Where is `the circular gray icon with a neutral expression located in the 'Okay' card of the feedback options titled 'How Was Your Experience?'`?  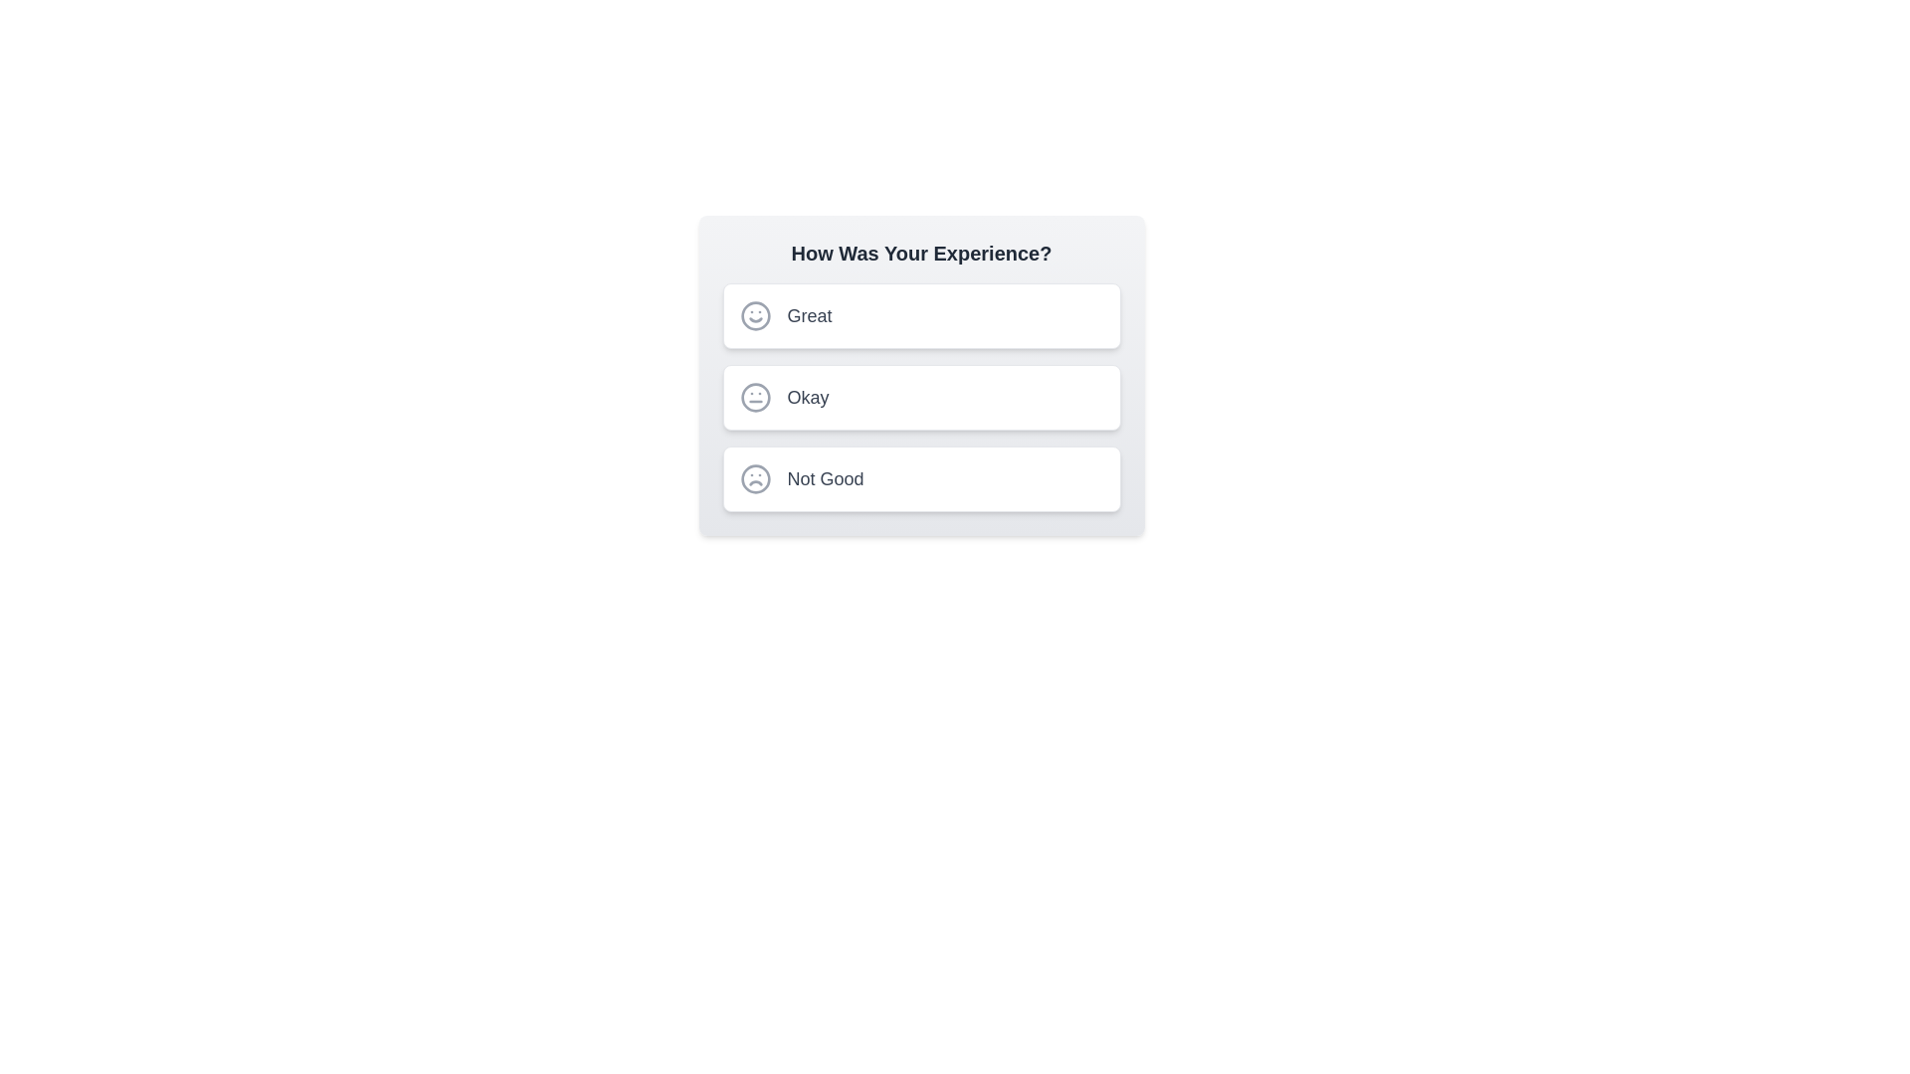 the circular gray icon with a neutral expression located in the 'Okay' card of the feedback options titled 'How Was Your Experience?' is located at coordinates (754, 398).